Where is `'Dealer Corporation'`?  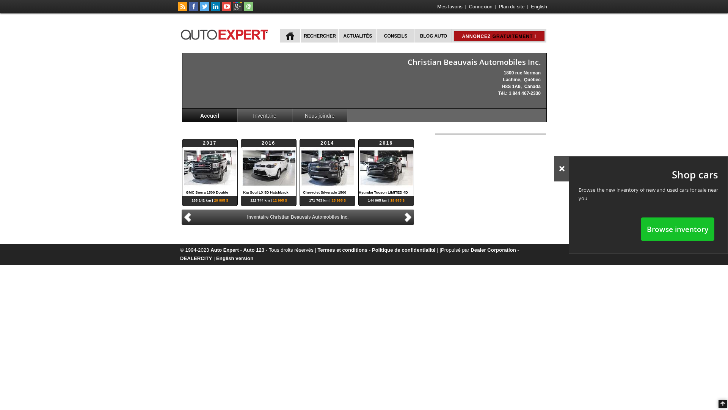
'Dealer Corporation' is located at coordinates (493, 250).